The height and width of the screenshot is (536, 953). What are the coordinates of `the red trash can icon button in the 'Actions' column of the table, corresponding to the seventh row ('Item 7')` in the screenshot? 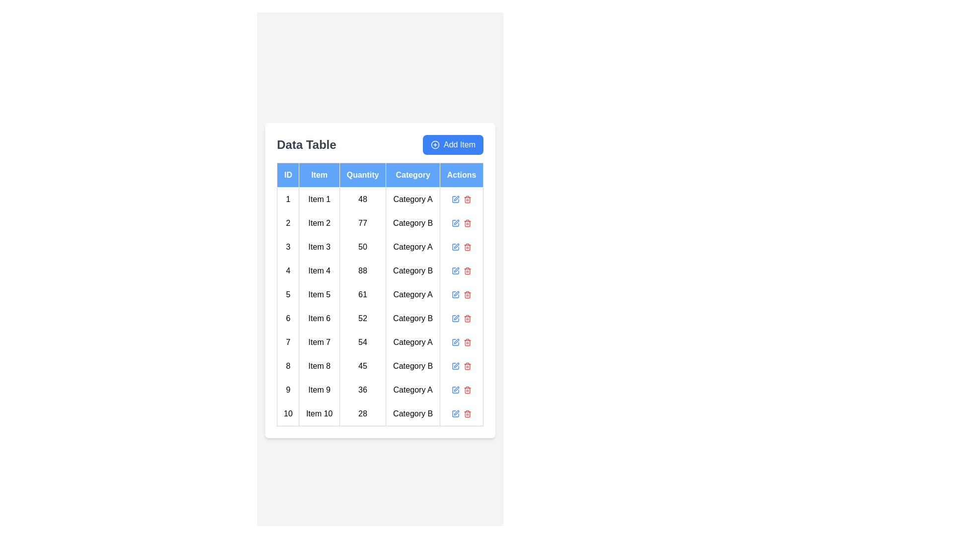 It's located at (467, 341).